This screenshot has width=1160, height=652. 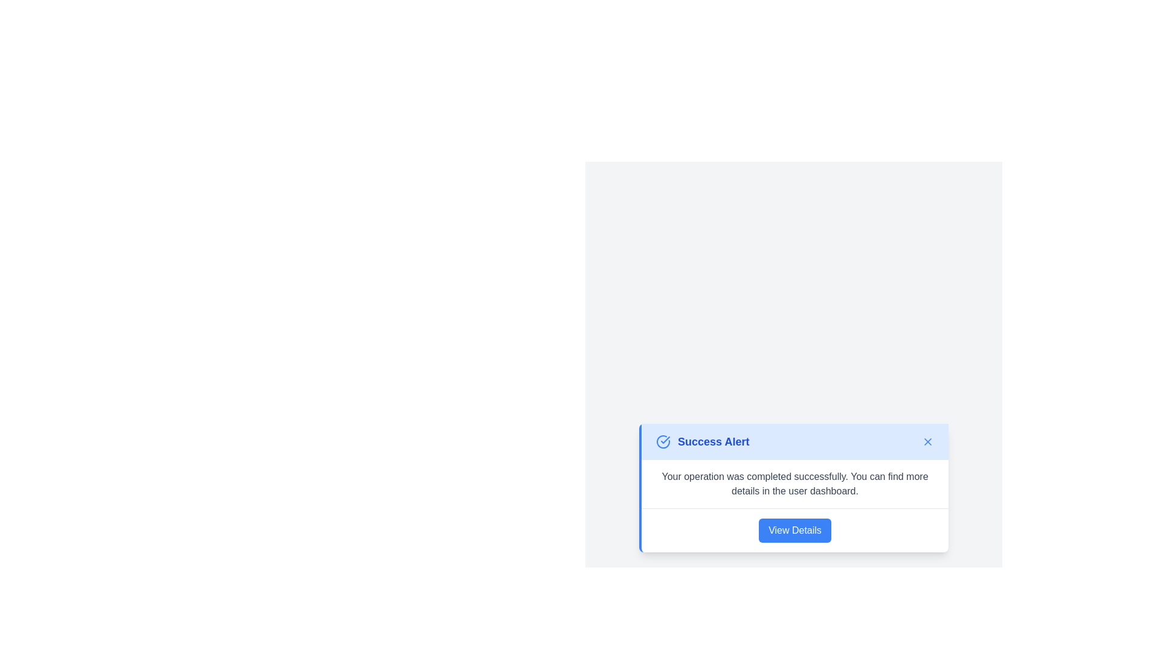 What do you see at coordinates (794, 483) in the screenshot?
I see `the success message displayed in the notification card, which is located below the 'Success Alert' heading and above the 'View Details' button` at bounding box center [794, 483].